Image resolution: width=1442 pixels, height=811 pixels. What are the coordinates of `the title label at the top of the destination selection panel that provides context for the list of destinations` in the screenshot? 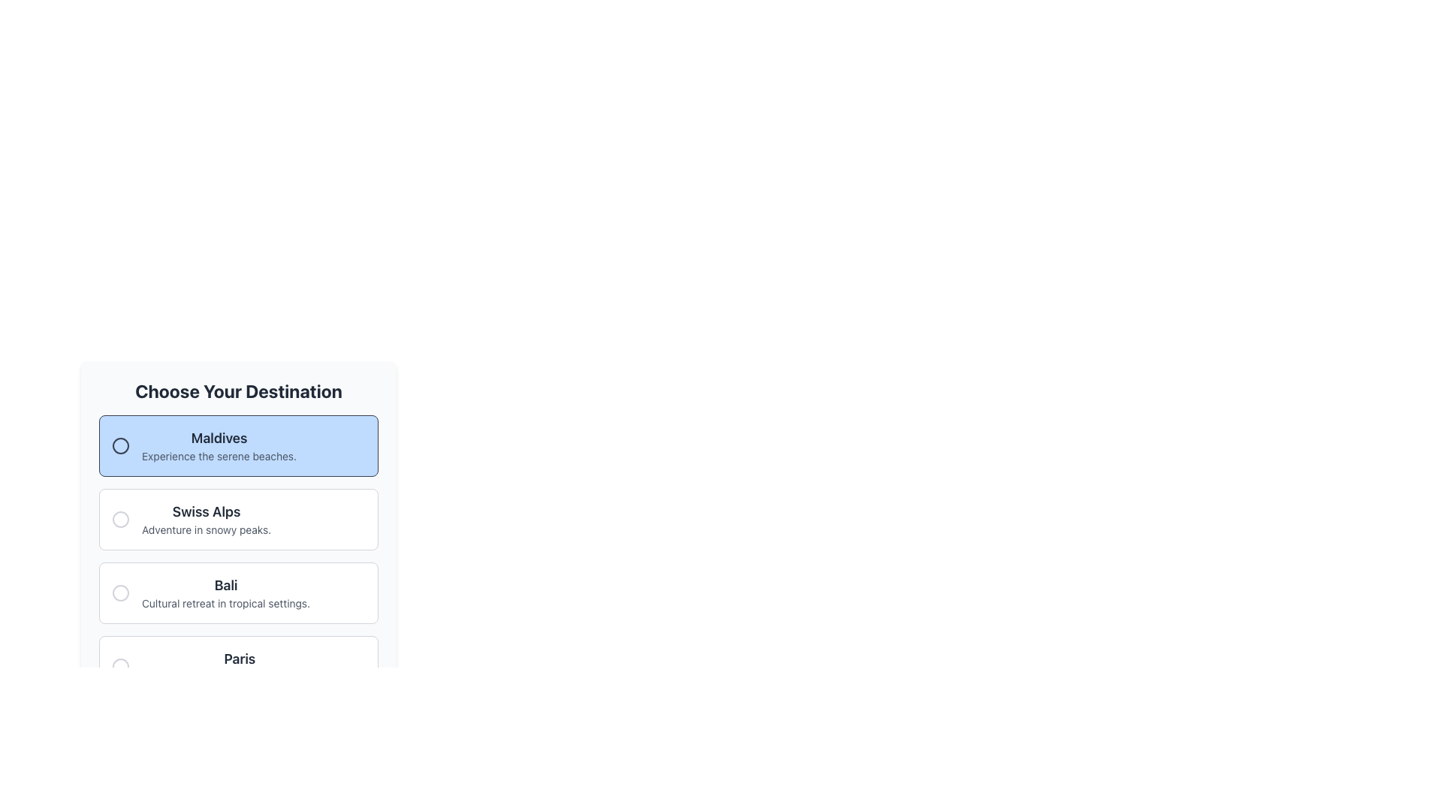 It's located at (237, 390).